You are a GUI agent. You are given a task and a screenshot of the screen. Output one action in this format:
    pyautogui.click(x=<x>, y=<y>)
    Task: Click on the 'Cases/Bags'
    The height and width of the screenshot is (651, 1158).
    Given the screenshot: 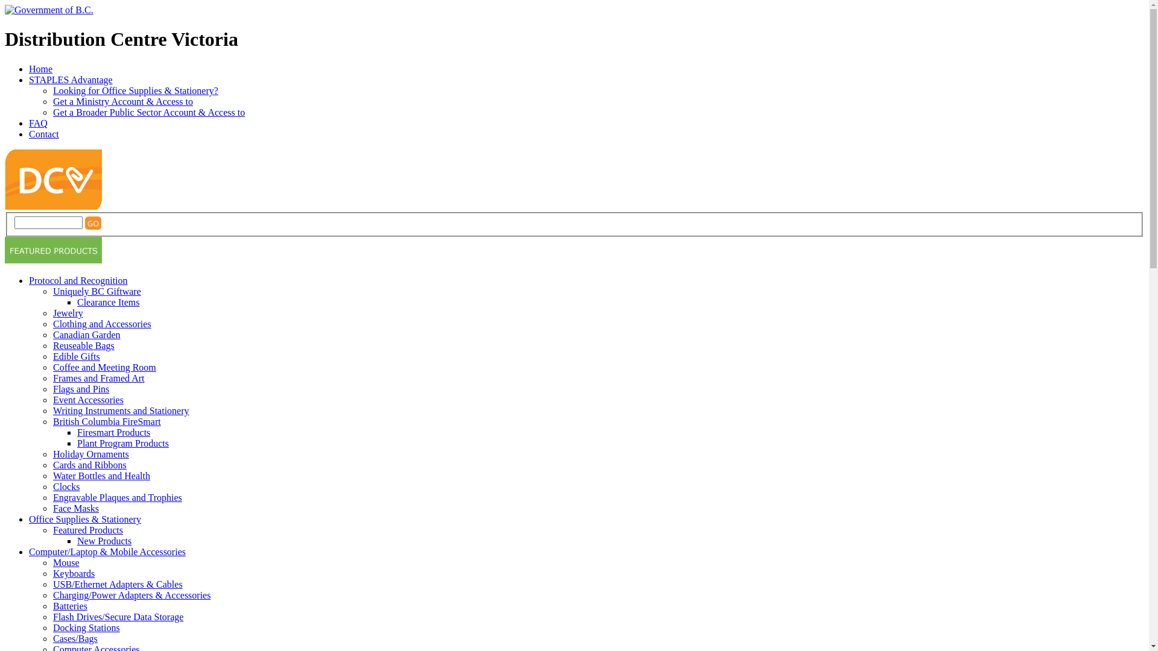 What is the action you would take?
    pyautogui.click(x=74, y=638)
    